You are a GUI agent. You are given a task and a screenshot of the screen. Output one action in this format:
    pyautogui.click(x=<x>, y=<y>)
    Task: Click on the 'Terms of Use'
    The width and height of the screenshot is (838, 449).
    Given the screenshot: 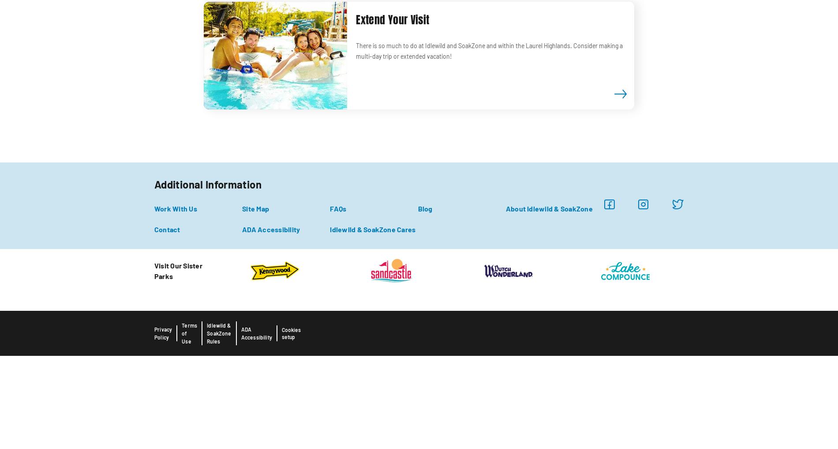 What is the action you would take?
    pyautogui.click(x=189, y=333)
    